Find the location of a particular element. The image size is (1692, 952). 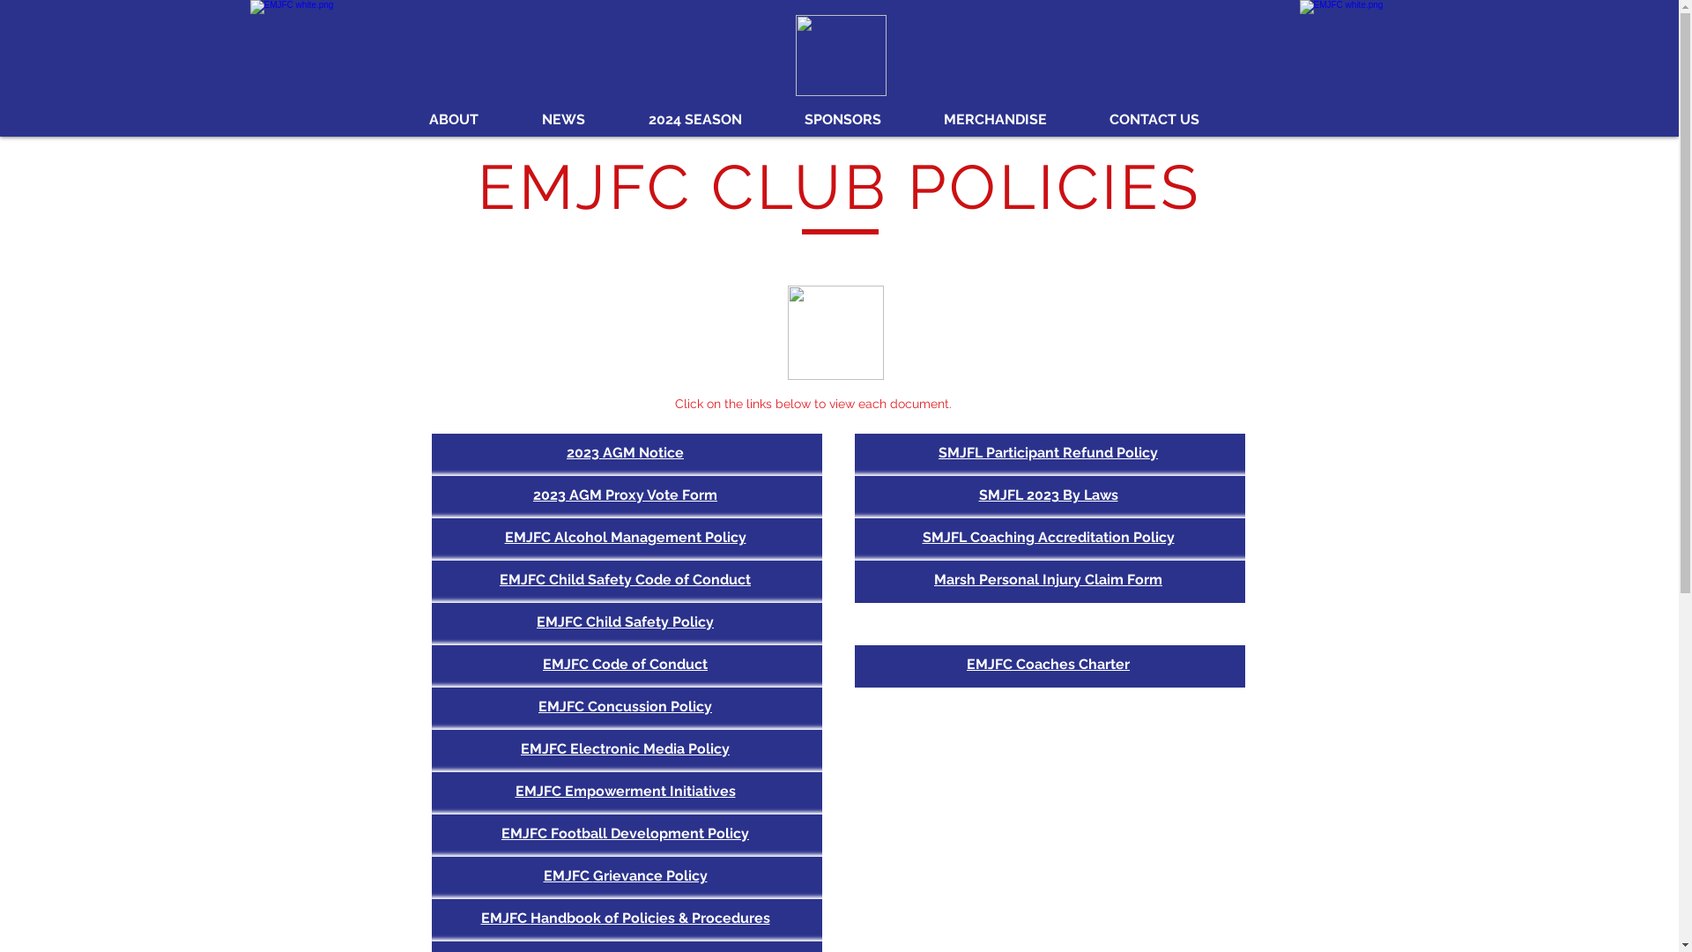

'Handbook of Policies & Procedures' is located at coordinates (529, 917).